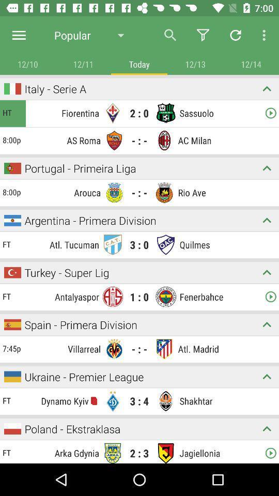 The width and height of the screenshot is (279, 496). What do you see at coordinates (267, 376) in the screenshot?
I see `up` at bounding box center [267, 376].